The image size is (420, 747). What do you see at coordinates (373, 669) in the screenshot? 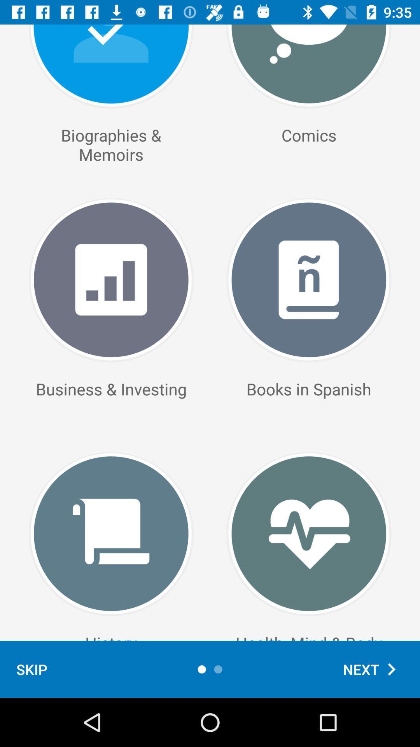
I see `next` at bounding box center [373, 669].